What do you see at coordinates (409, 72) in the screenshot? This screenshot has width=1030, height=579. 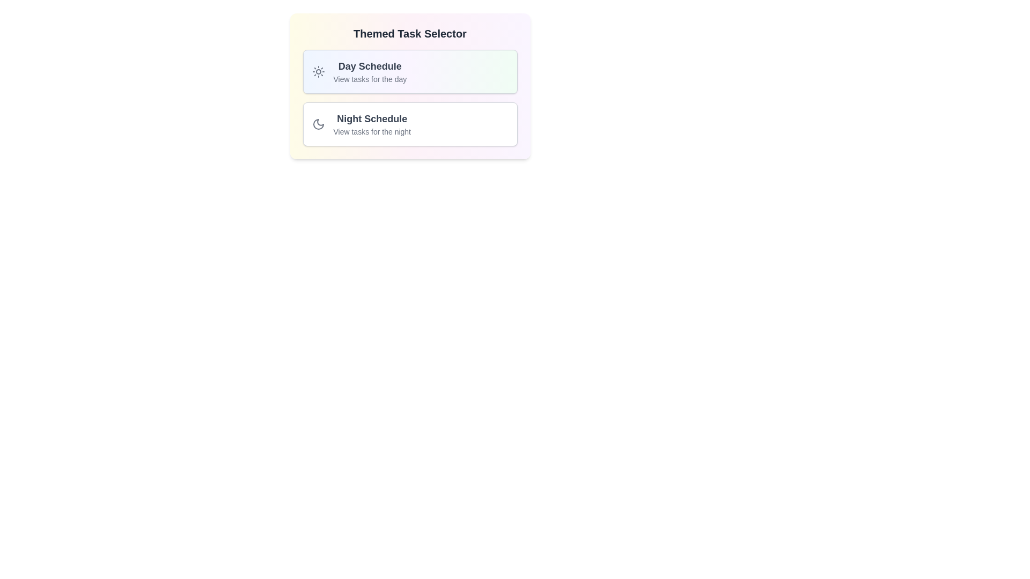 I see `the schedule by clicking on the corresponding option: Day Schedule` at bounding box center [409, 72].